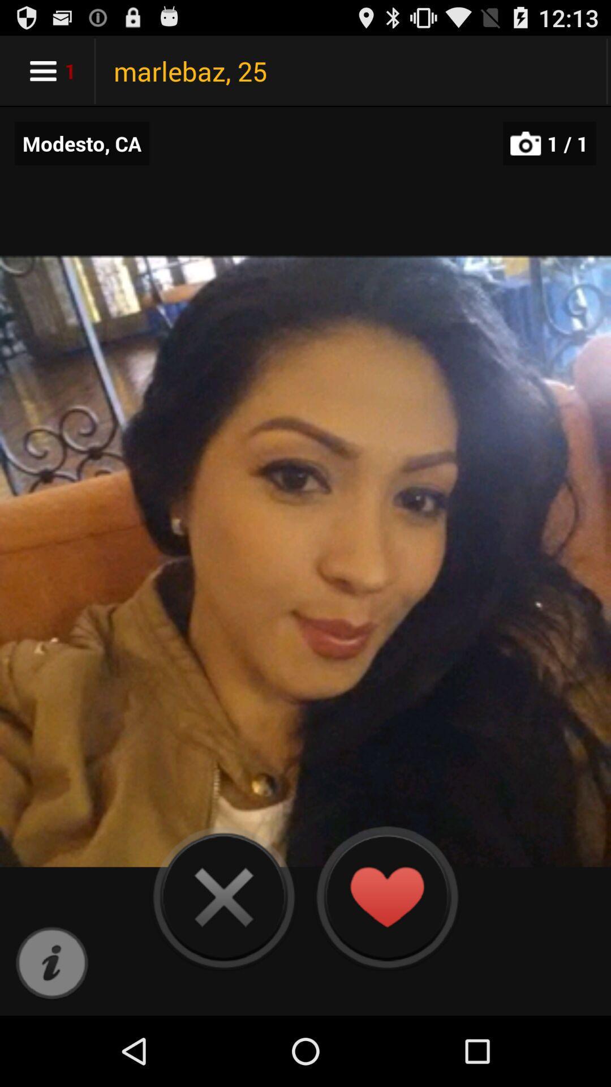  What do you see at coordinates (223, 896) in the screenshot?
I see `pass option` at bounding box center [223, 896].